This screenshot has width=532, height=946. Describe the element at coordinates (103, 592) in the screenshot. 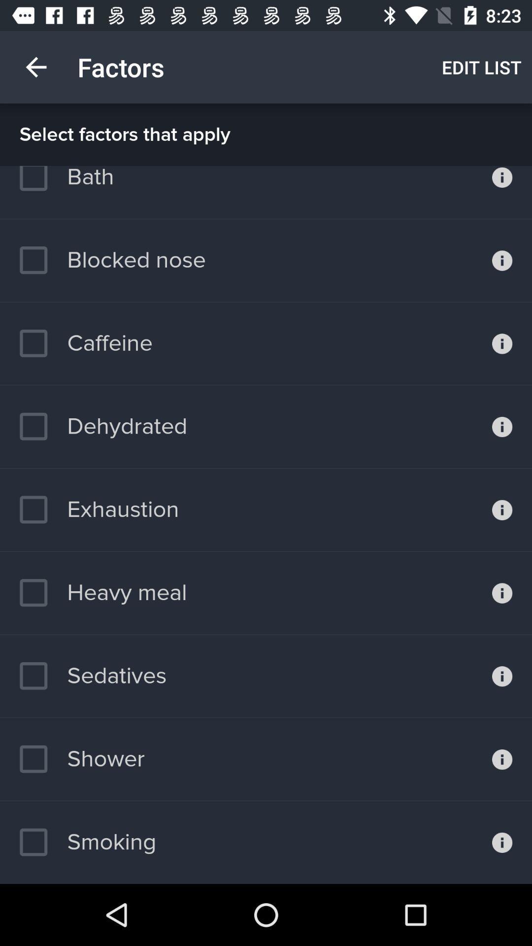

I see `the heavy meal` at that location.